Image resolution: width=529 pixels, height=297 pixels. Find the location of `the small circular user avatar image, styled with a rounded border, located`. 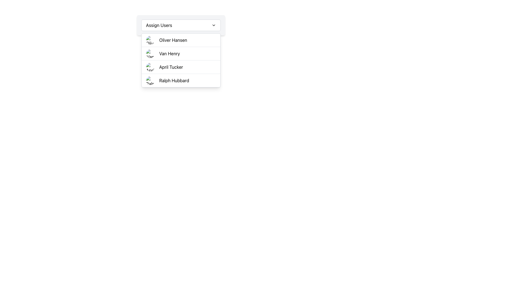

the small circular user avatar image, styled with a rounded border, located is located at coordinates (150, 67).